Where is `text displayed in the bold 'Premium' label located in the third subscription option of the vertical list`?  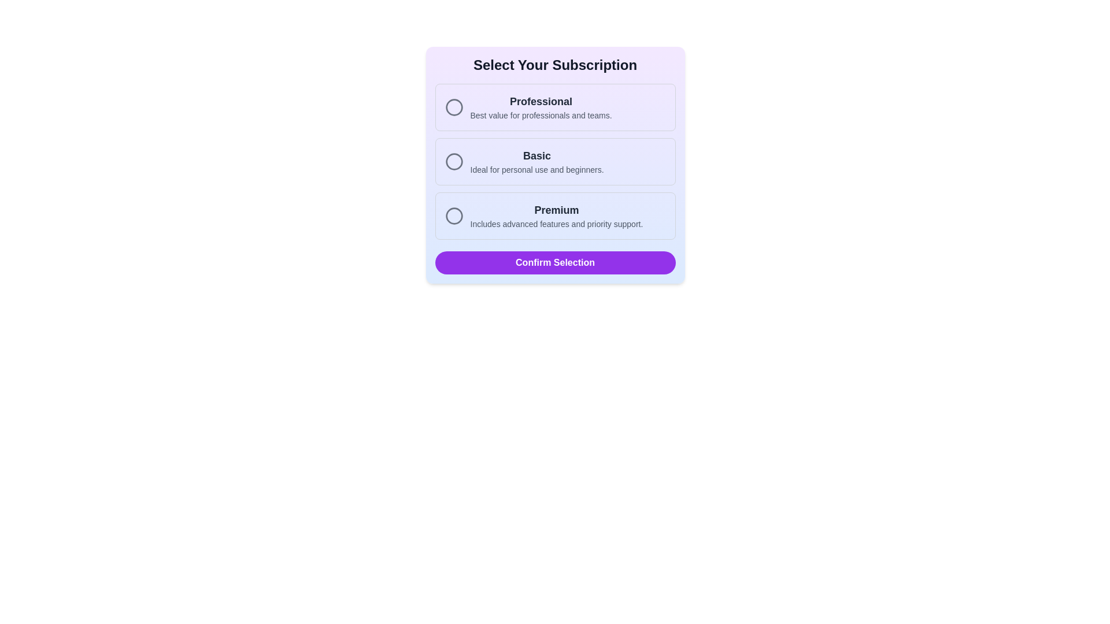 text displayed in the bold 'Premium' label located in the third subscription option of the vertical list is located at coordinates (556, 210).